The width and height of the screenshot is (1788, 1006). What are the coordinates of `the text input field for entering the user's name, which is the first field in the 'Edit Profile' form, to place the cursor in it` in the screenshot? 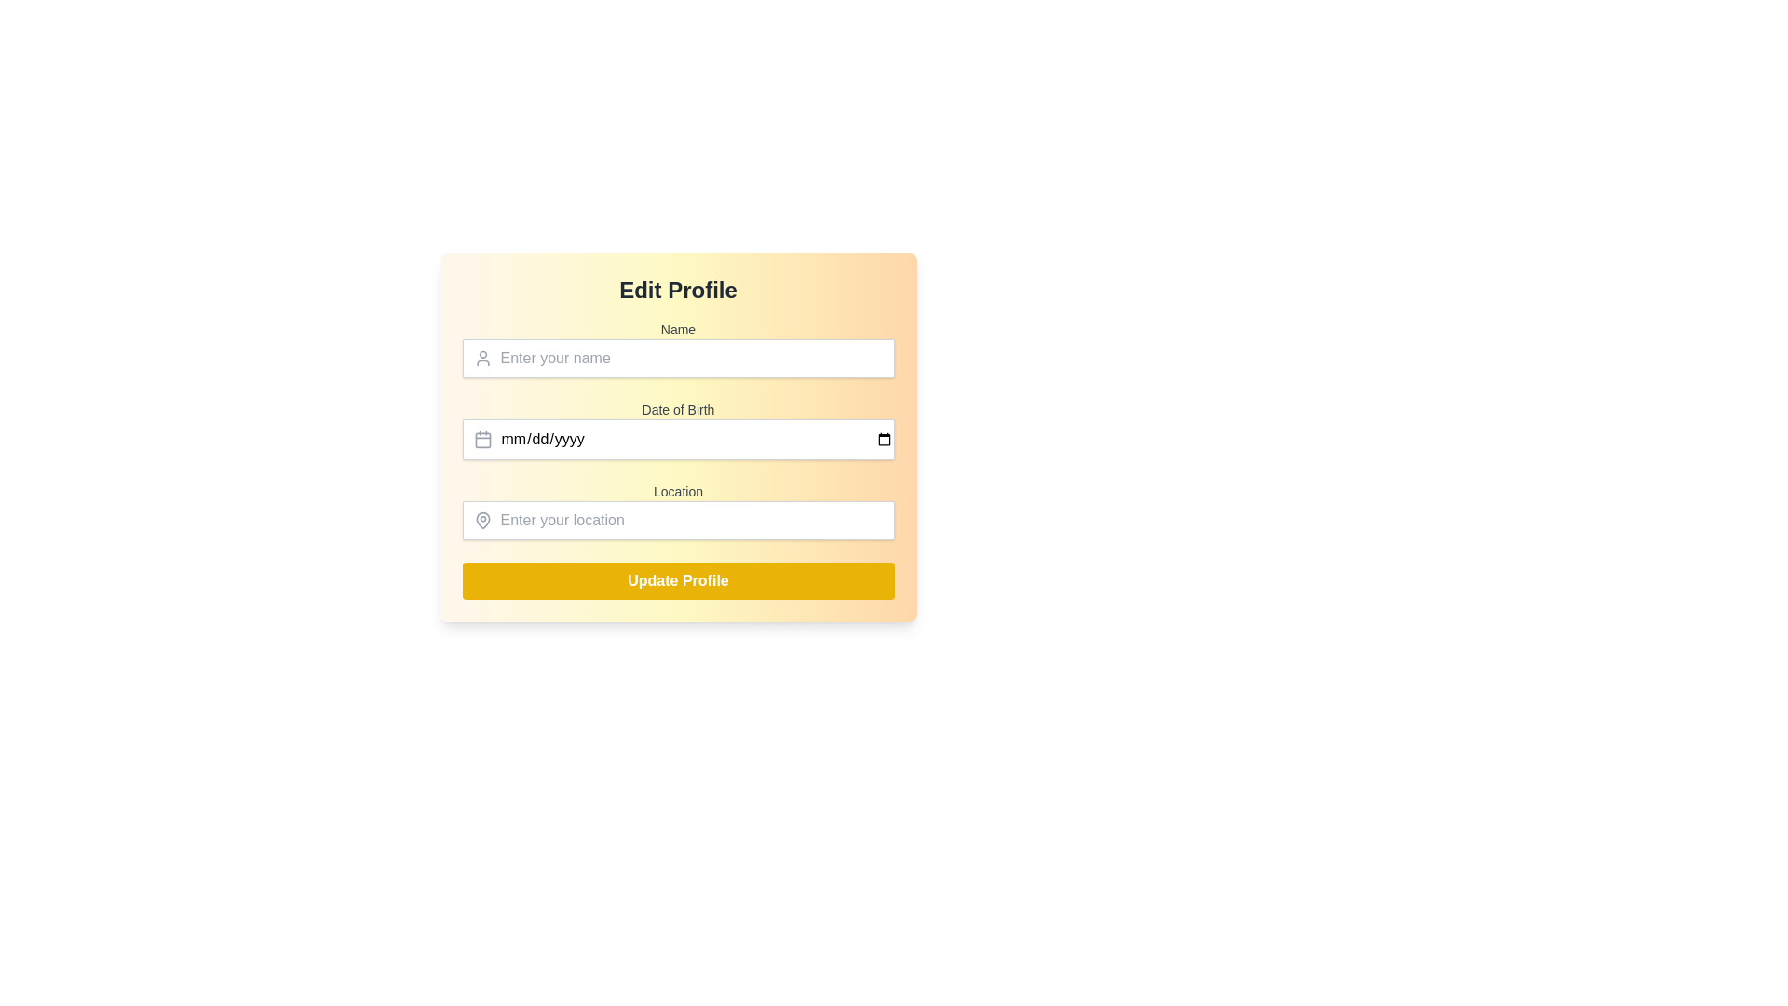 It's located at (677, 348).